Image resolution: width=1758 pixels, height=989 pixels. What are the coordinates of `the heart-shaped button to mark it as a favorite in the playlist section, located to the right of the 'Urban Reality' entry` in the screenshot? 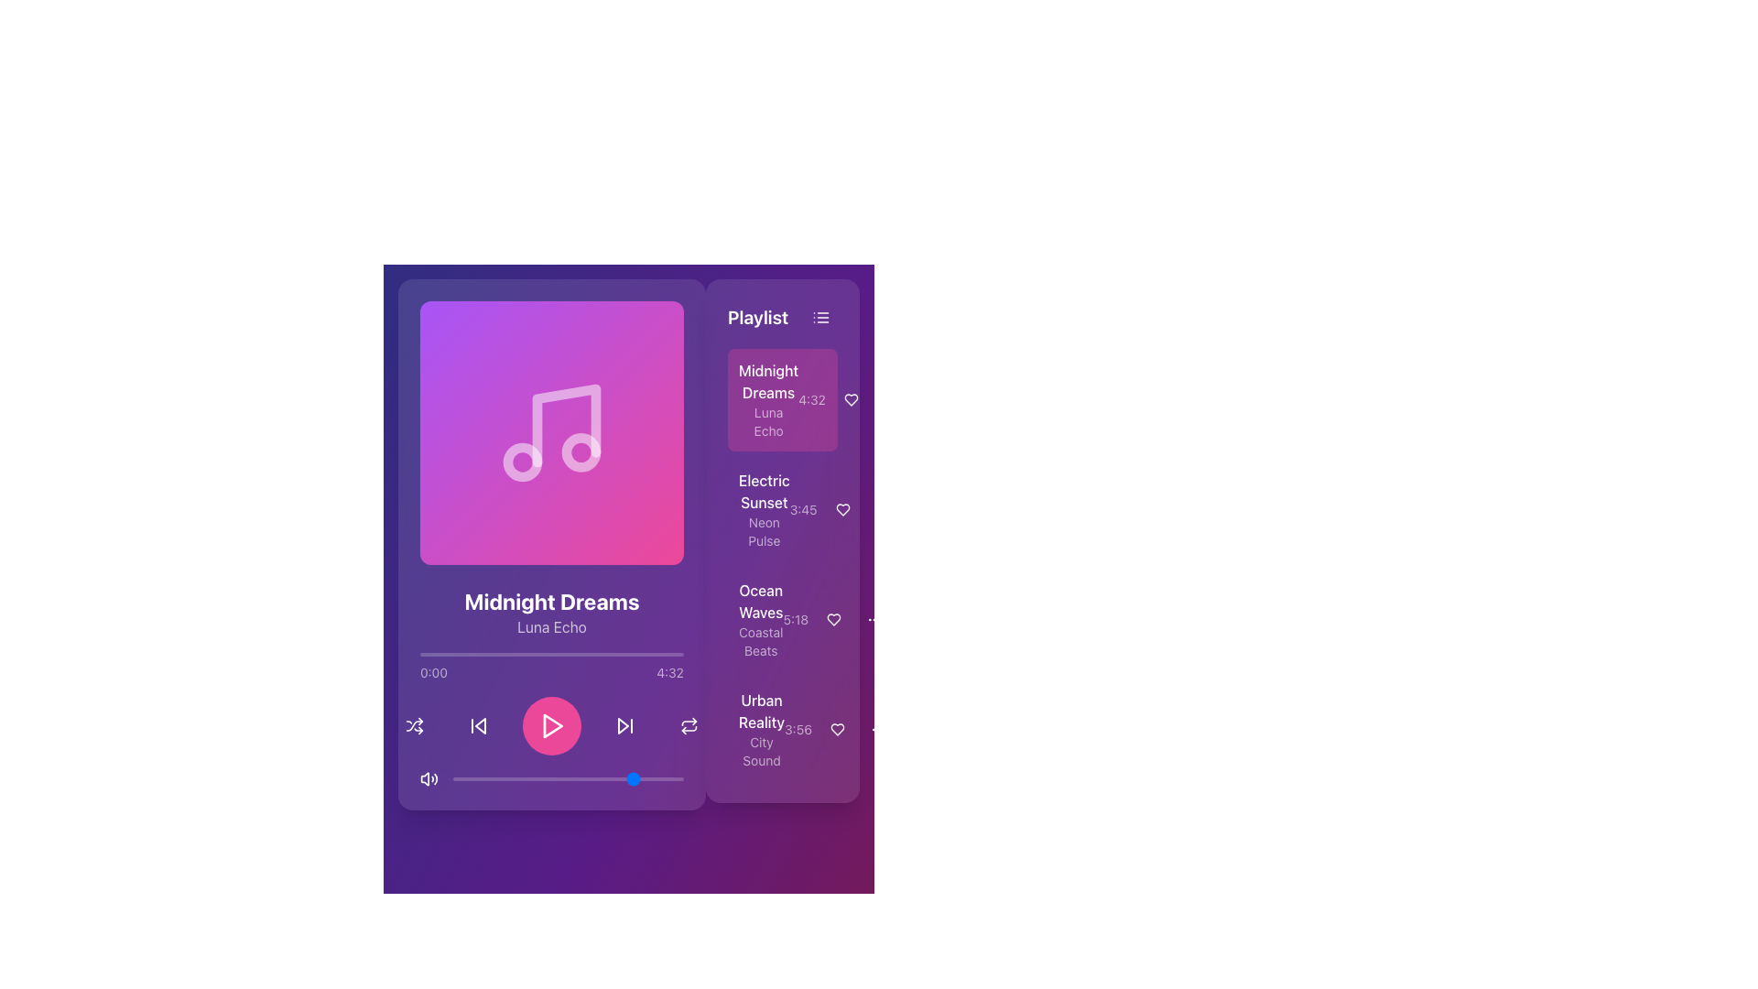 It's located at (837, 729).